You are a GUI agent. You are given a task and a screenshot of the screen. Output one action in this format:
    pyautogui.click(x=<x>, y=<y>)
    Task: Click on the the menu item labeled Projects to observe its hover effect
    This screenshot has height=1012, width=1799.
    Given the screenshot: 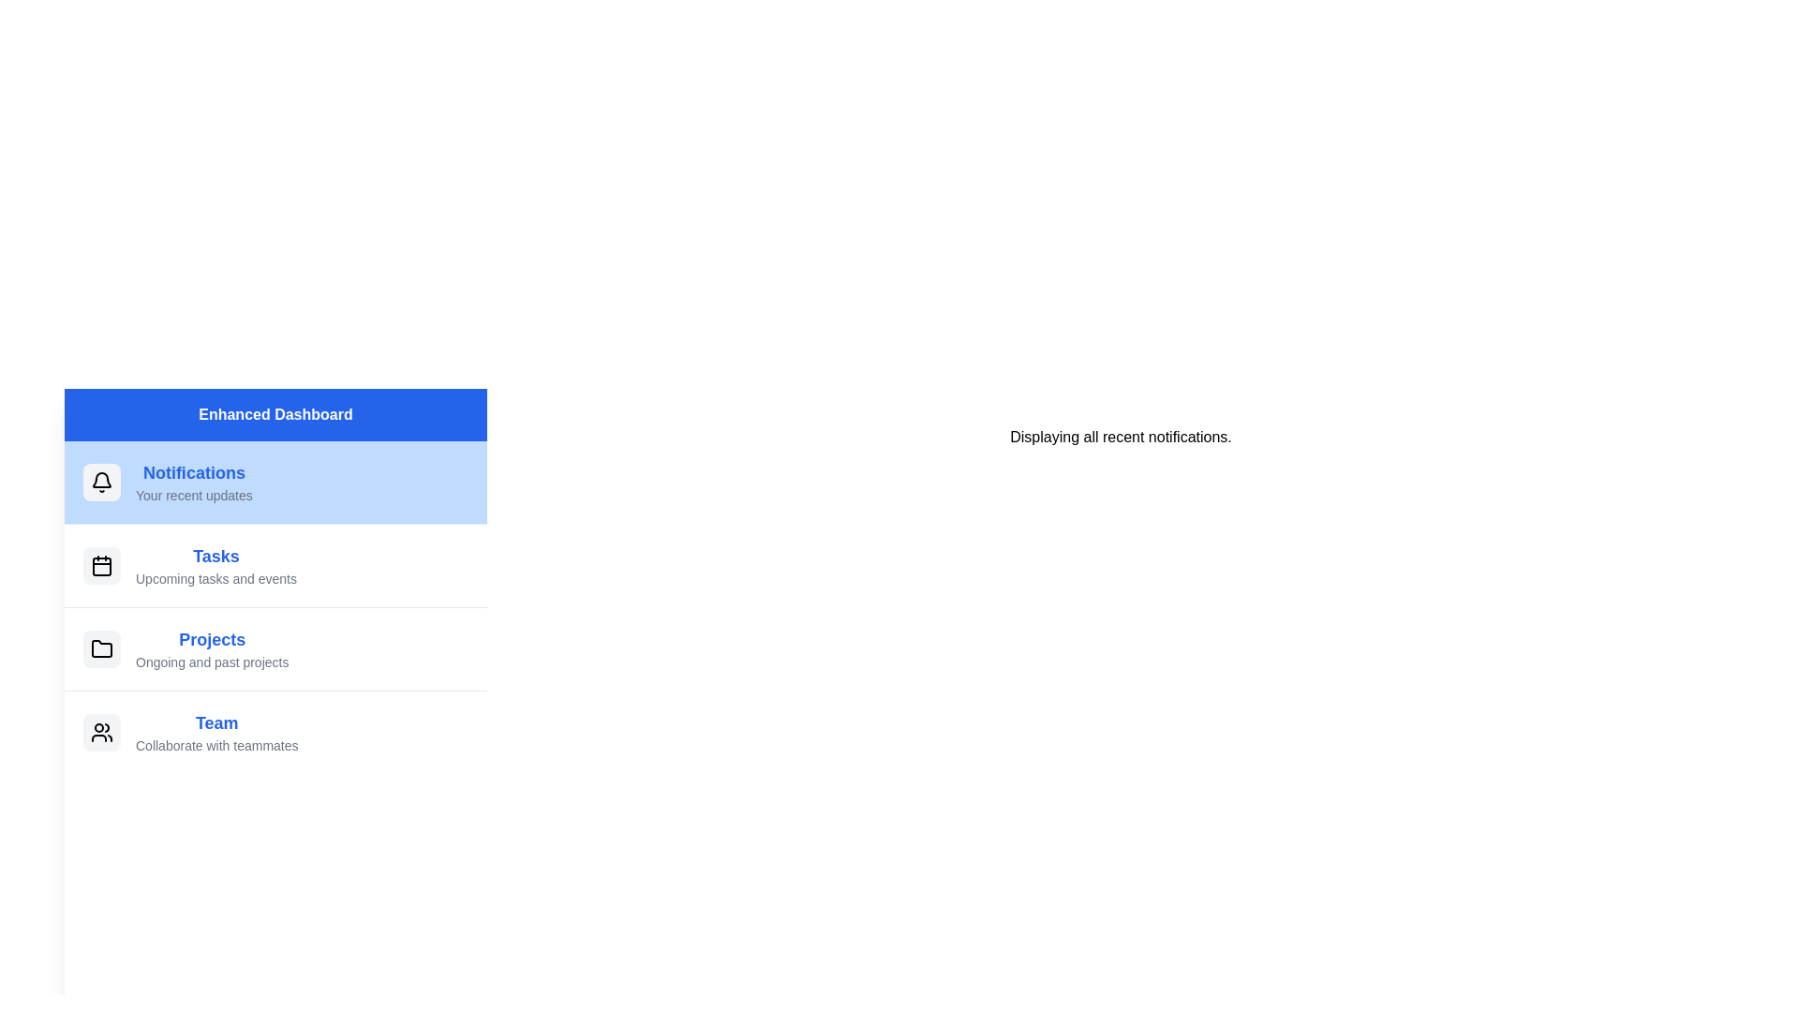 What is the action you would take?
    pyautogui.click(x=275, y=647)
    